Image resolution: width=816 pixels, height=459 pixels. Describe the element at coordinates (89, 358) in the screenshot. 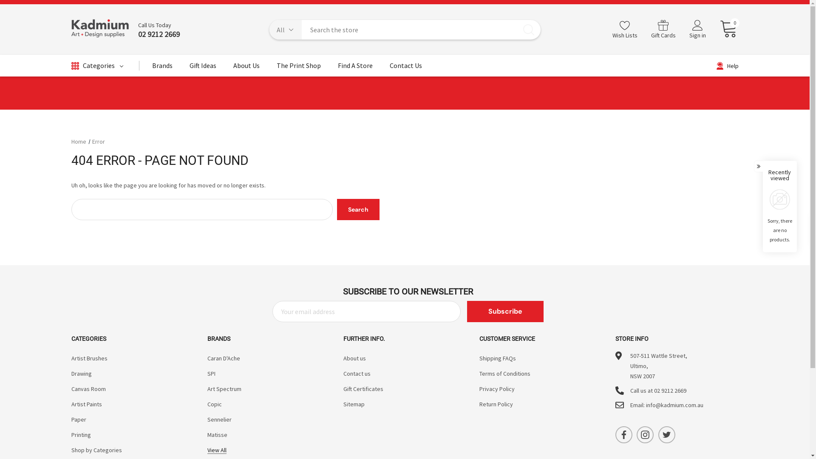

I see `'Artist Brushes'` at that location.